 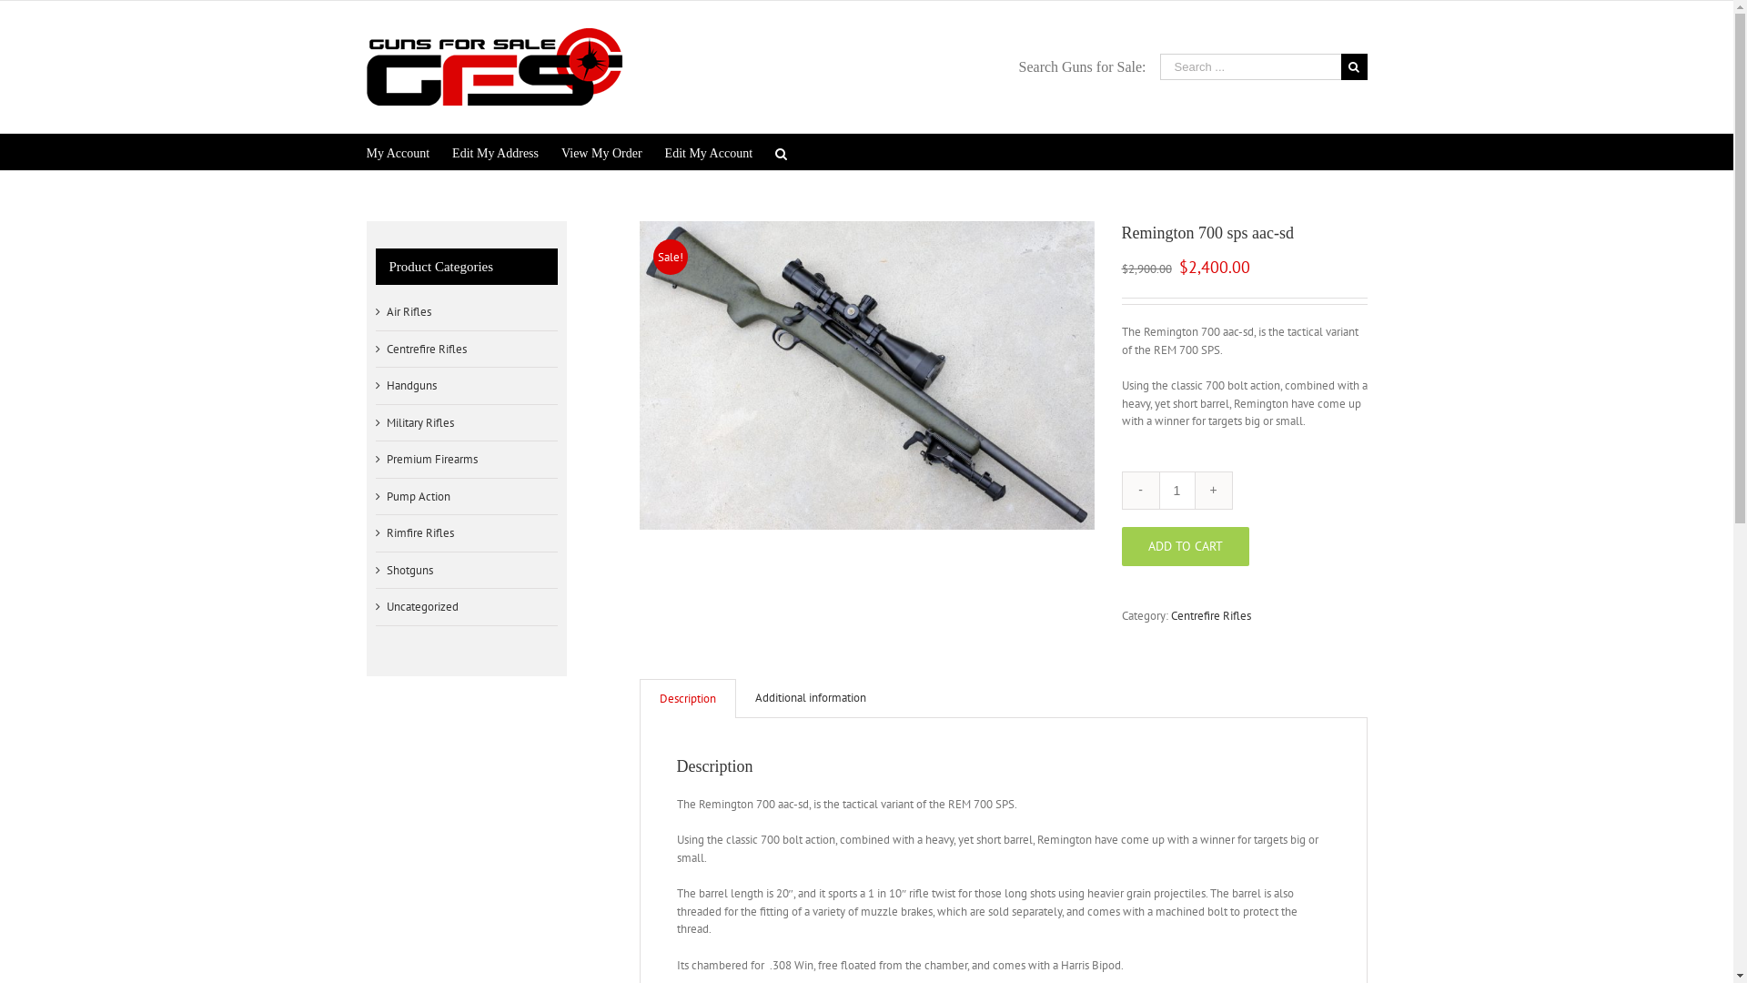 I want to click on 'Edit My Account', so click(x=707, y=150).